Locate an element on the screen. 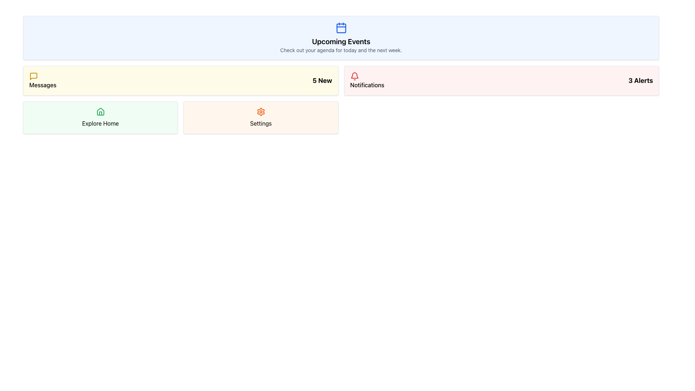  the decorative icon representing the 'Upcoming Events' section, which is centered in a light blue box labeled 'Upcoming Events' is located at coordinates (341, 28).